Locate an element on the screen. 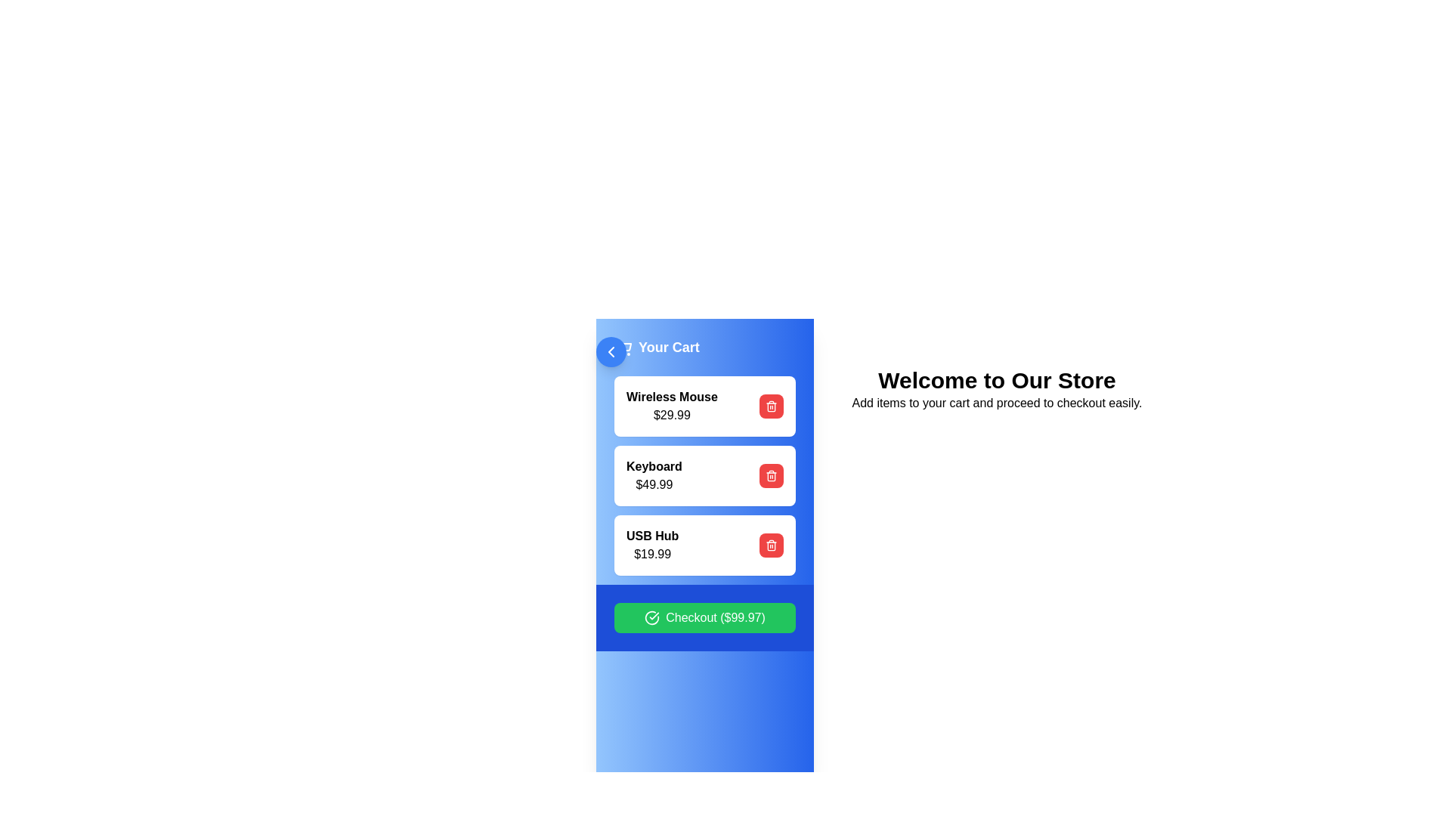  the checkout button located at the bottom of the sidebar with a blue background to initiate the checkout process is located at coordinates (704, 617).